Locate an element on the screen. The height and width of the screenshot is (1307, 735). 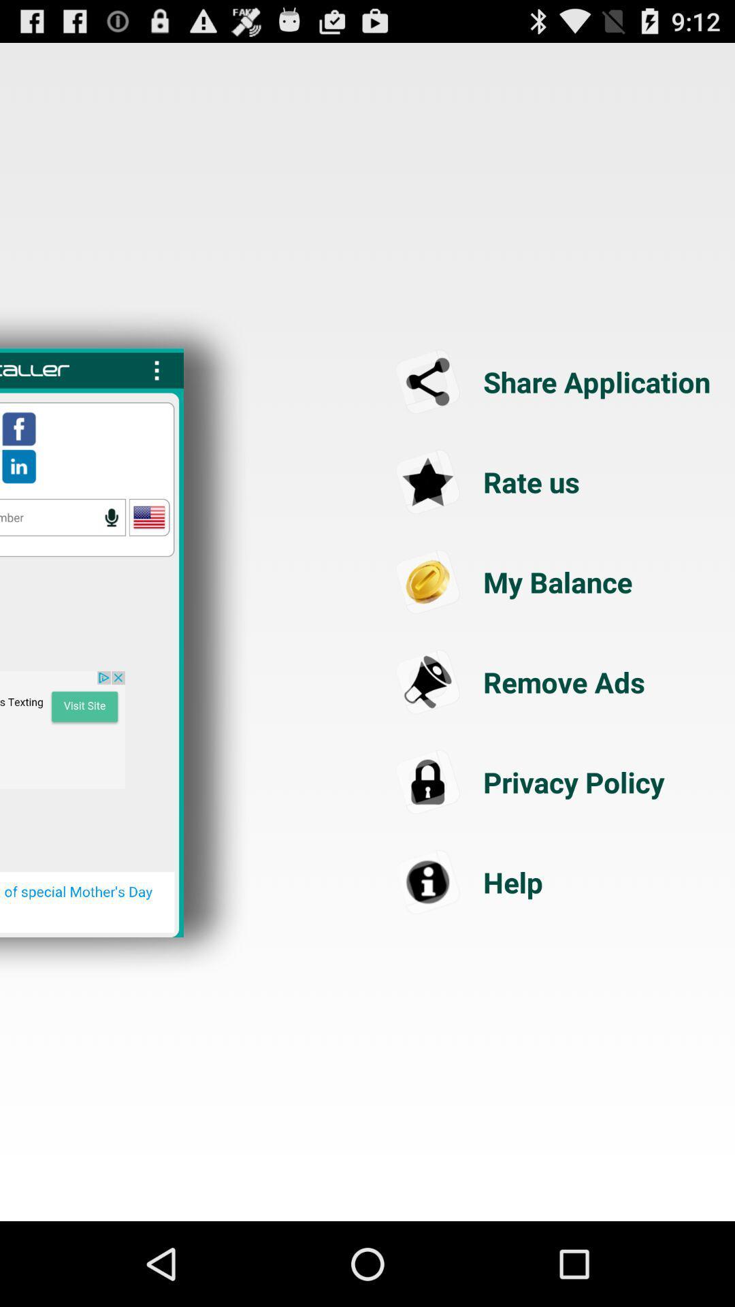
visit site is located at coordinates (62, 729).